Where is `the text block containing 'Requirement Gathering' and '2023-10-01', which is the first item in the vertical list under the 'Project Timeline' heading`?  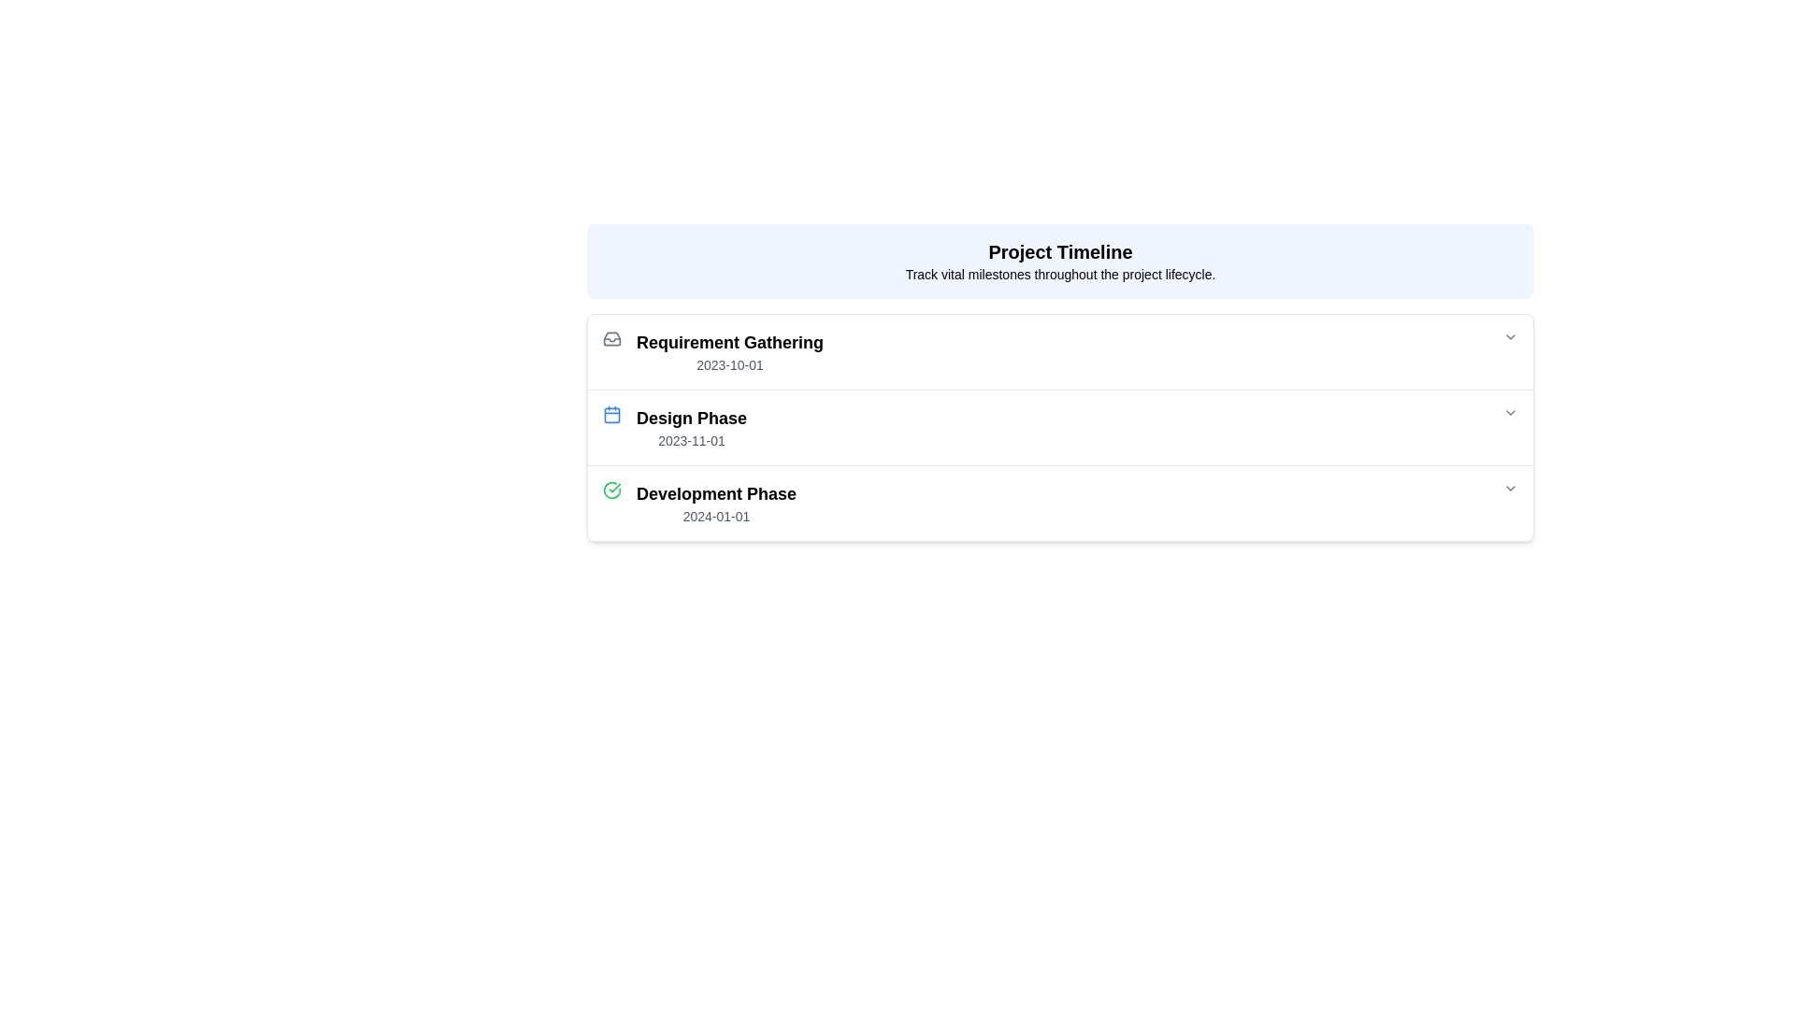
the text block containing 'Requirement Gathering' and '2023-10-01', which is the first item in the vertical list under the 'Project Timeline' heading is located at coordinates (729, 352).